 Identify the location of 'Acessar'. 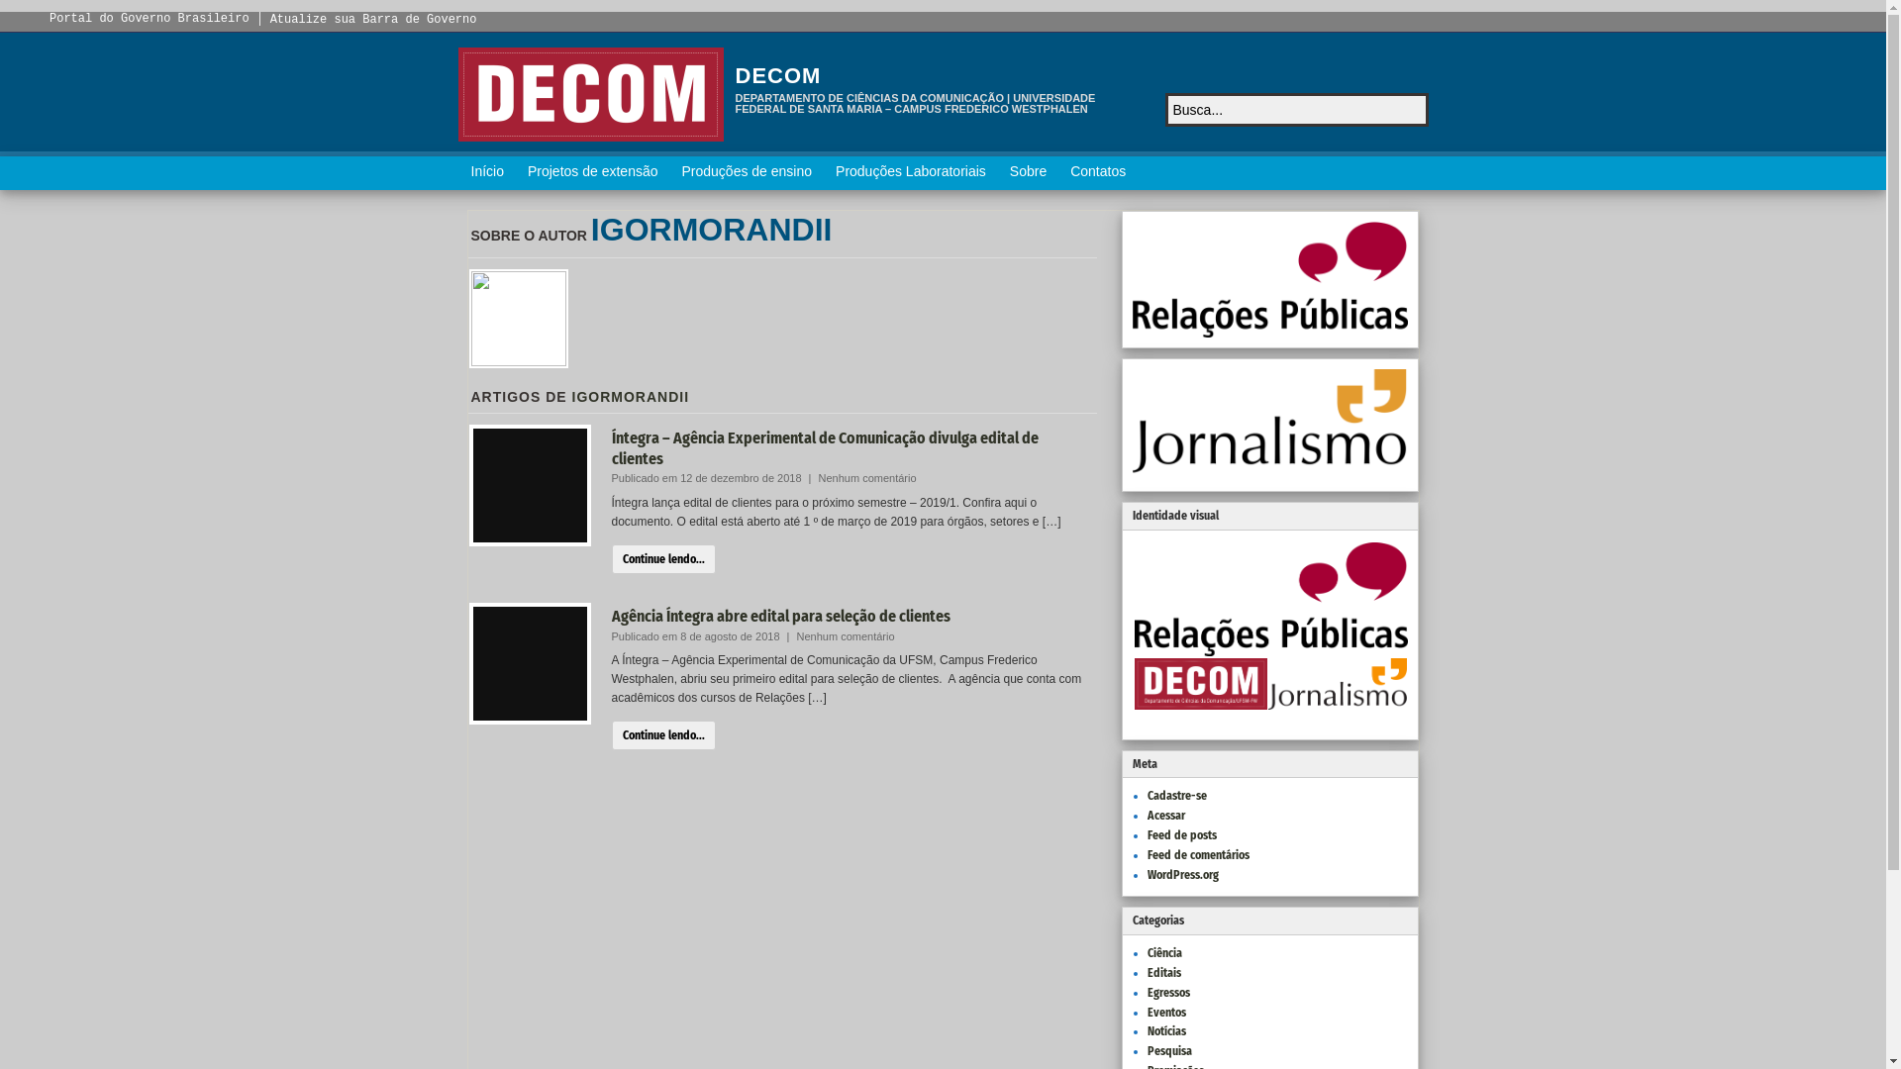
(1146, 816).